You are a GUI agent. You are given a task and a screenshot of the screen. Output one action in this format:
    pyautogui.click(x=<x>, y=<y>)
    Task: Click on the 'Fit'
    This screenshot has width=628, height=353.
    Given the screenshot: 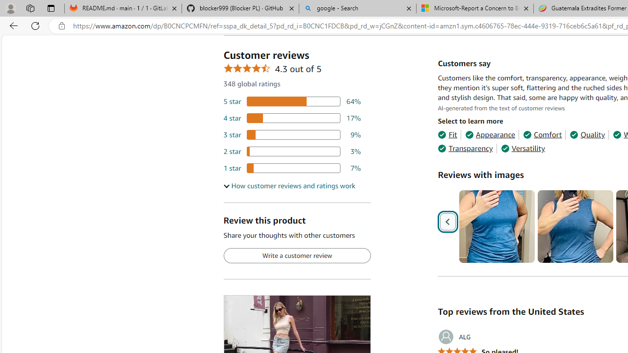 What is the action you would take?
    pyautogui.click(x=447, y=135)
    